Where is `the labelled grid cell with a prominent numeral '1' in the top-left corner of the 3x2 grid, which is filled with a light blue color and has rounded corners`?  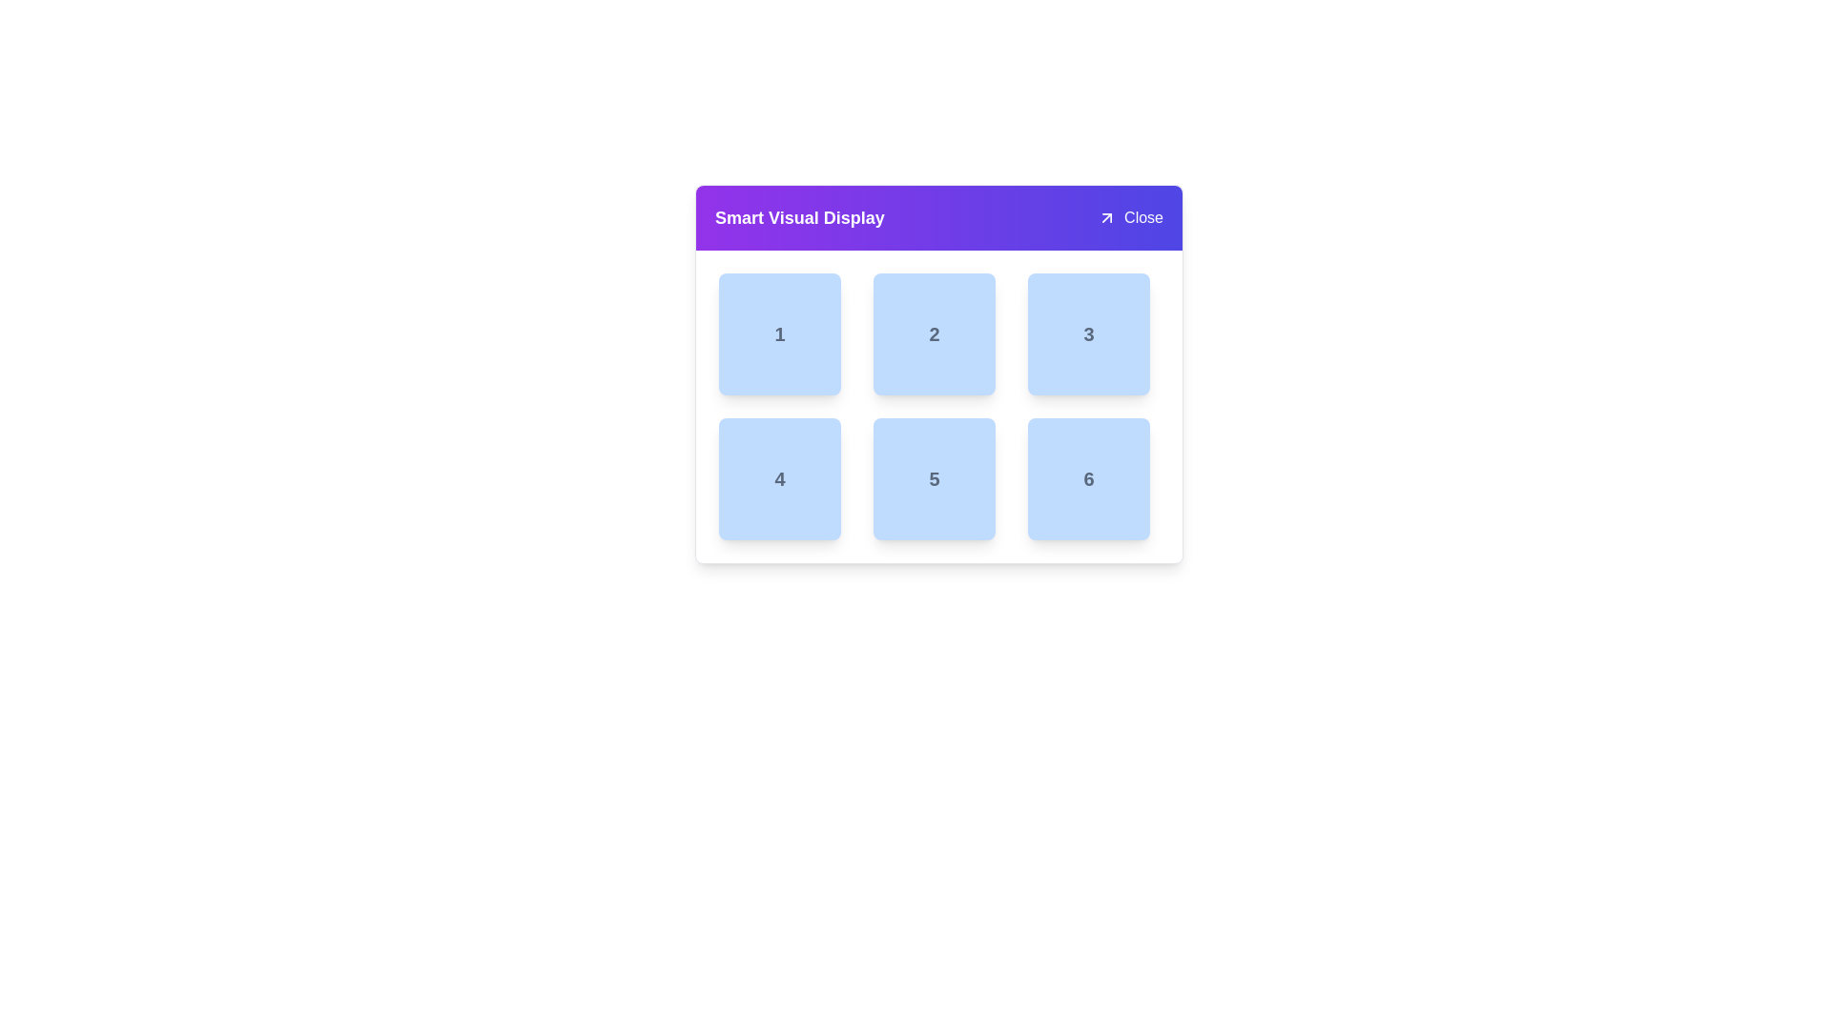 the labelled grid cell with a prominent numeral '1' in the top-left corner of the 3x2 grid, which is filled with a light blue color and has rounded corners is located at coordinates (779, 333).